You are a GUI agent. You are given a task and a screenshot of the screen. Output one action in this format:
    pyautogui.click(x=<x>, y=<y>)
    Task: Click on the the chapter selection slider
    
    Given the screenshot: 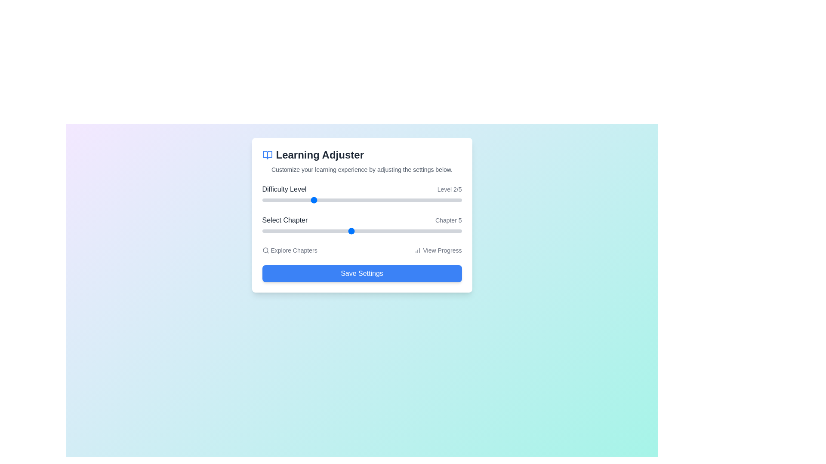 What is the action you would take?
    pyautogui.click(x=417, y=230)
    